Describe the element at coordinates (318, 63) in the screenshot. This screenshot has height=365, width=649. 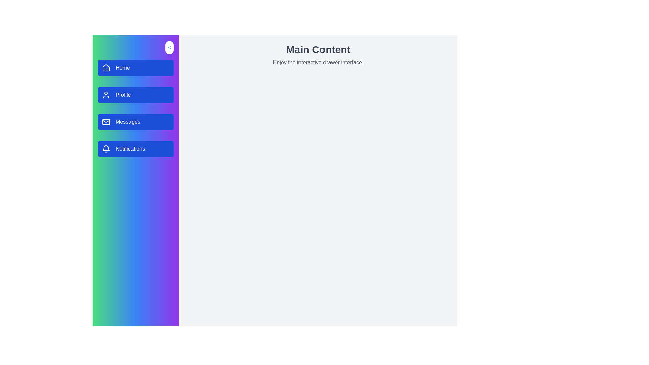
I see `the text display element that shows 'Enjoy the interactive drawer interface.' positioned directly beneath the heading 'Main Content.'` at that location.